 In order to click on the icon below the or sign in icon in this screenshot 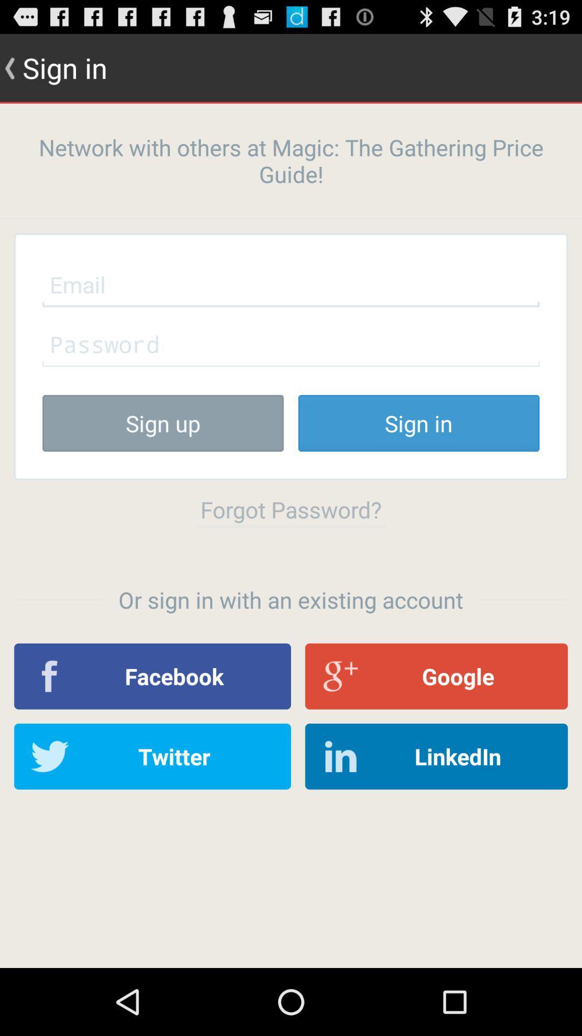, I will do `click(153, 676)`.